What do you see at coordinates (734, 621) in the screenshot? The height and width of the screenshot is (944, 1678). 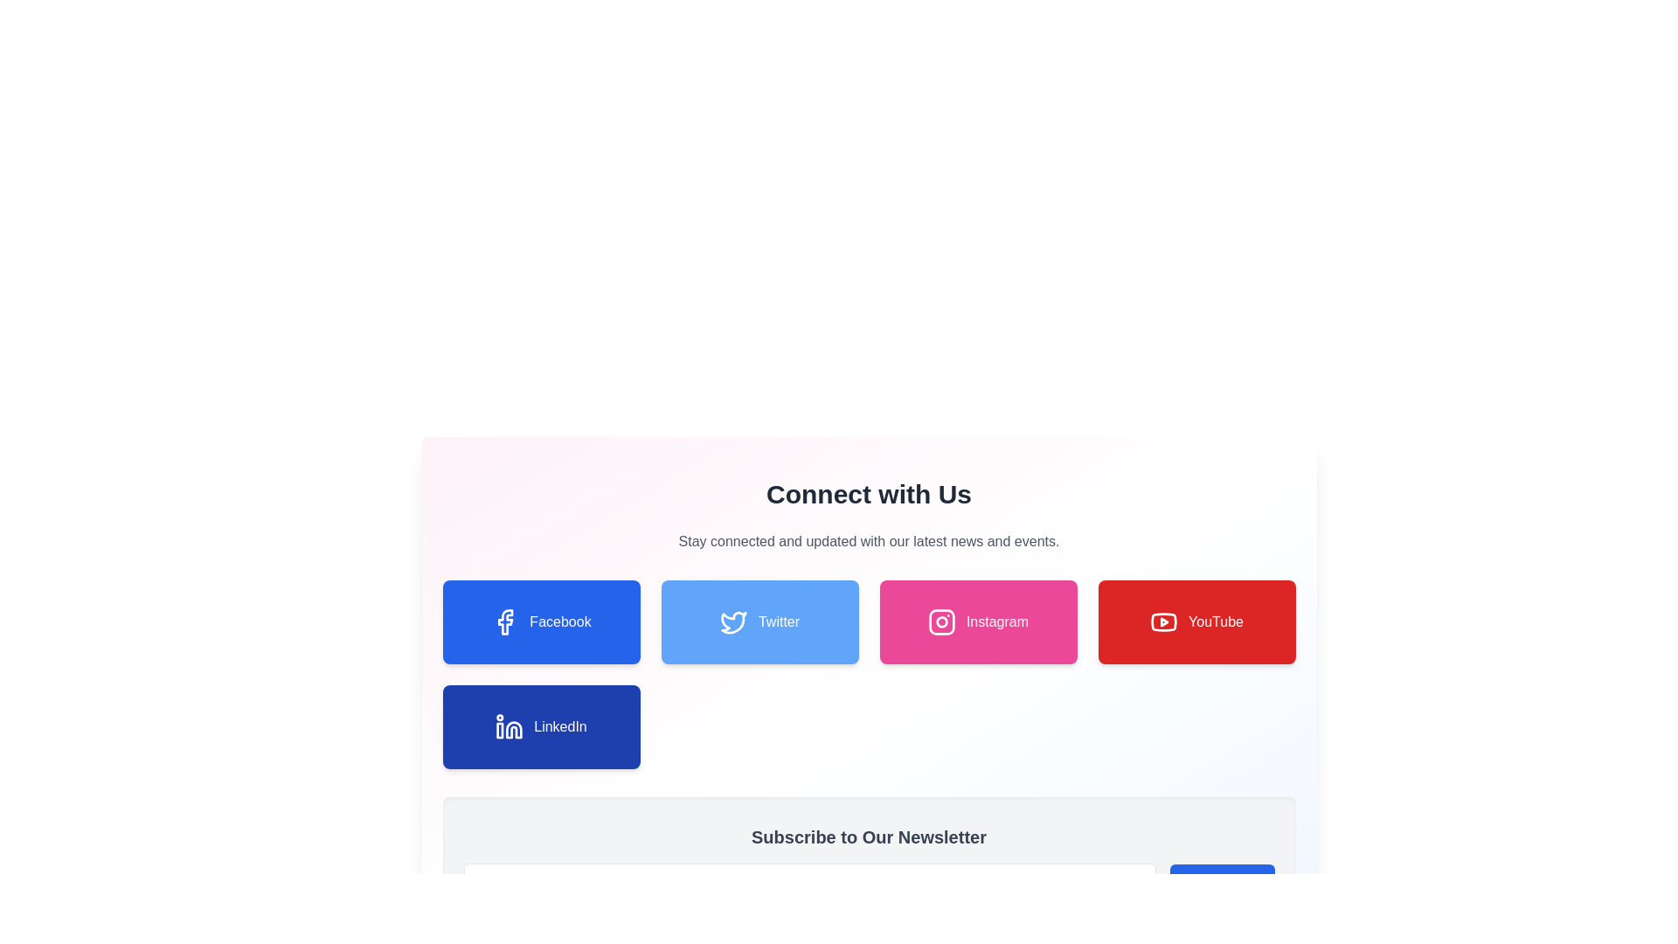 I see `the Twitter icon button located centrally below the 'Connect with Us' title` at bounding box center [734, 621].